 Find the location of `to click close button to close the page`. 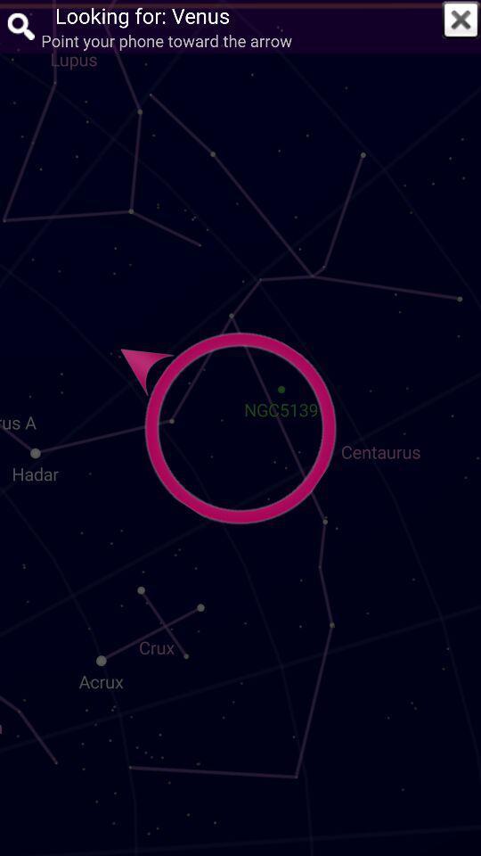

to click close button to close the page is located at coordinates (461, 19).